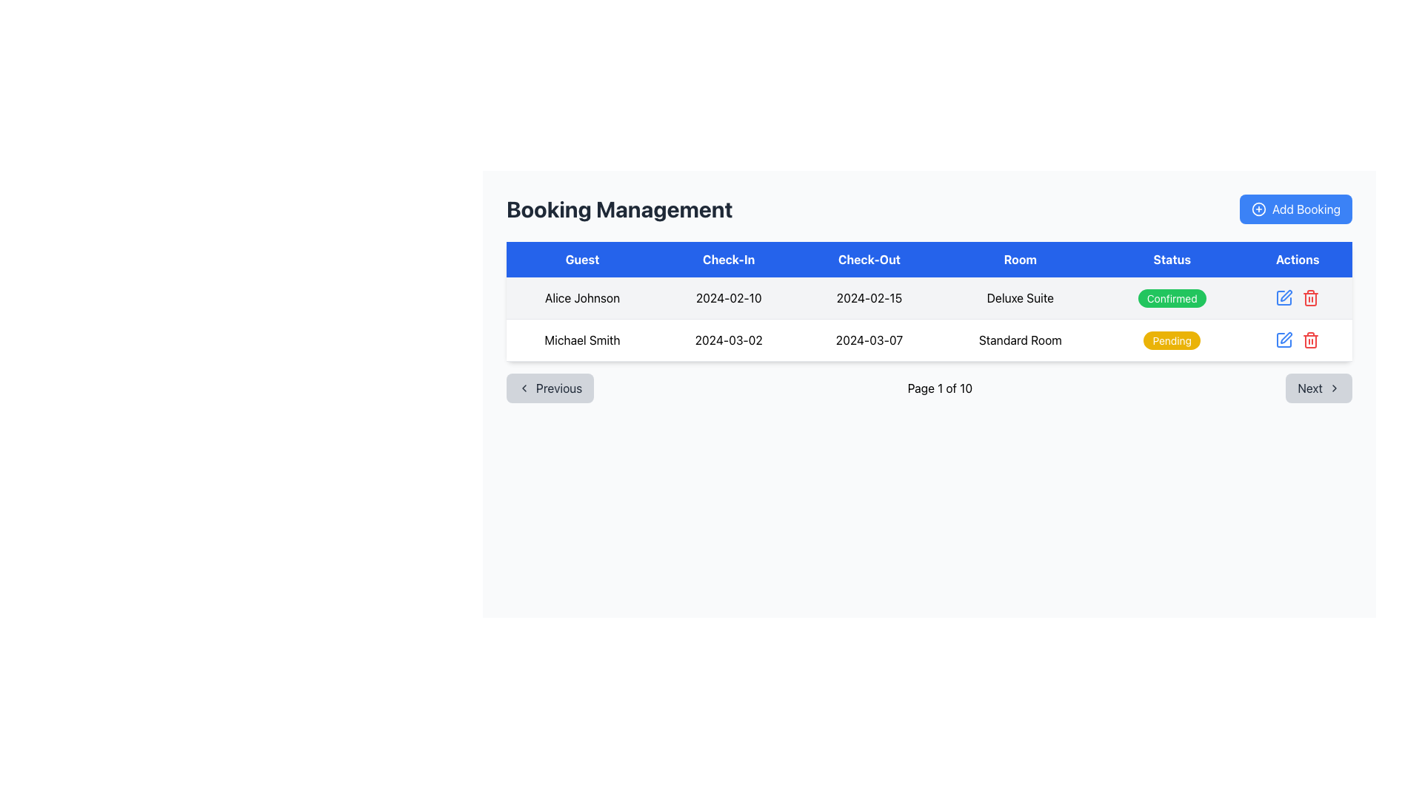 Image resolution: width=1422 pixels, height=799 pixels. What do you see at coordinates (1286, 296) in the screenshot?
I see `the pen icon button located in the 'Actions' column, second row of the table layout, which is the first icon in the rightmost column` at bounding box center [1286, 296].